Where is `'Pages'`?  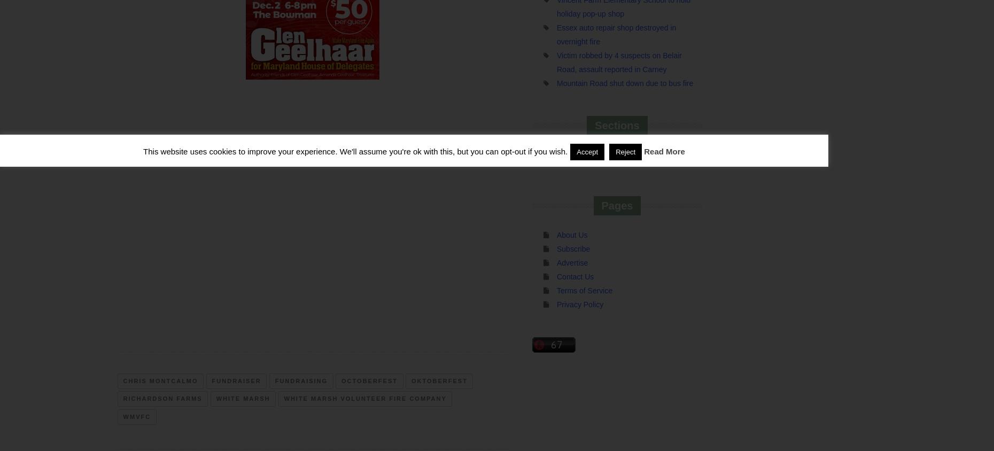
'Pages' is located at coordinates (616, 205).